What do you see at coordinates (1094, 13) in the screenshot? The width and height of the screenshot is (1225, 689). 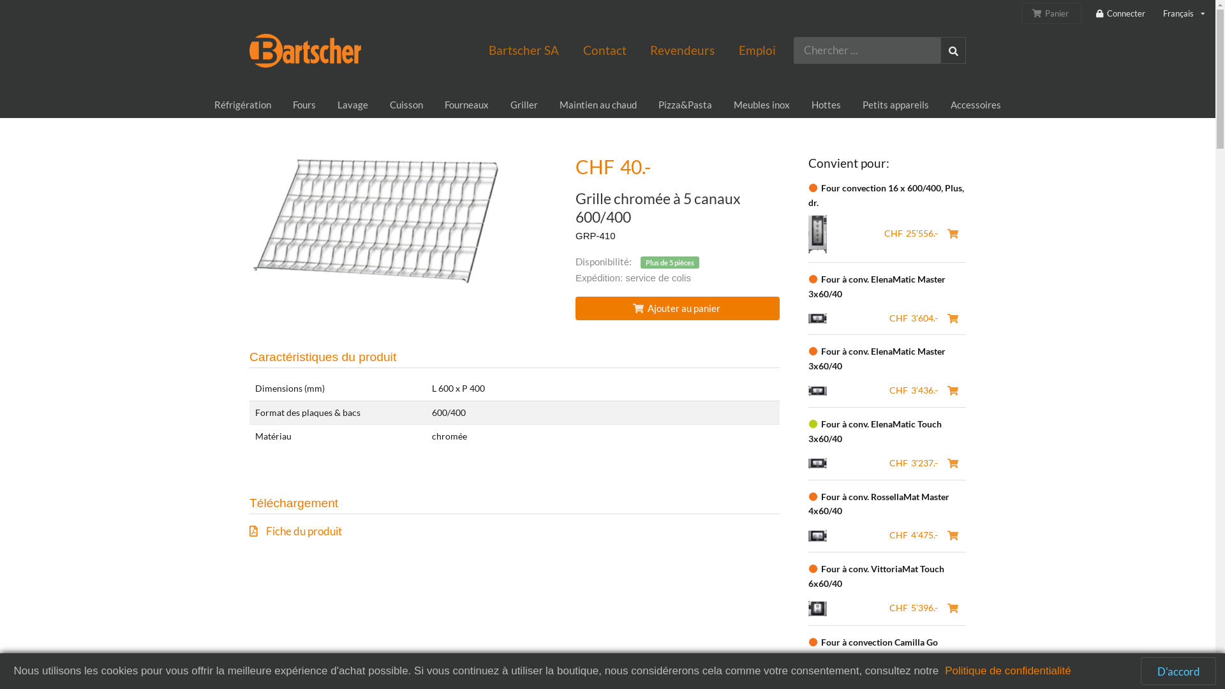 I see `'Connecter'` at bounding box center [1094, 13].